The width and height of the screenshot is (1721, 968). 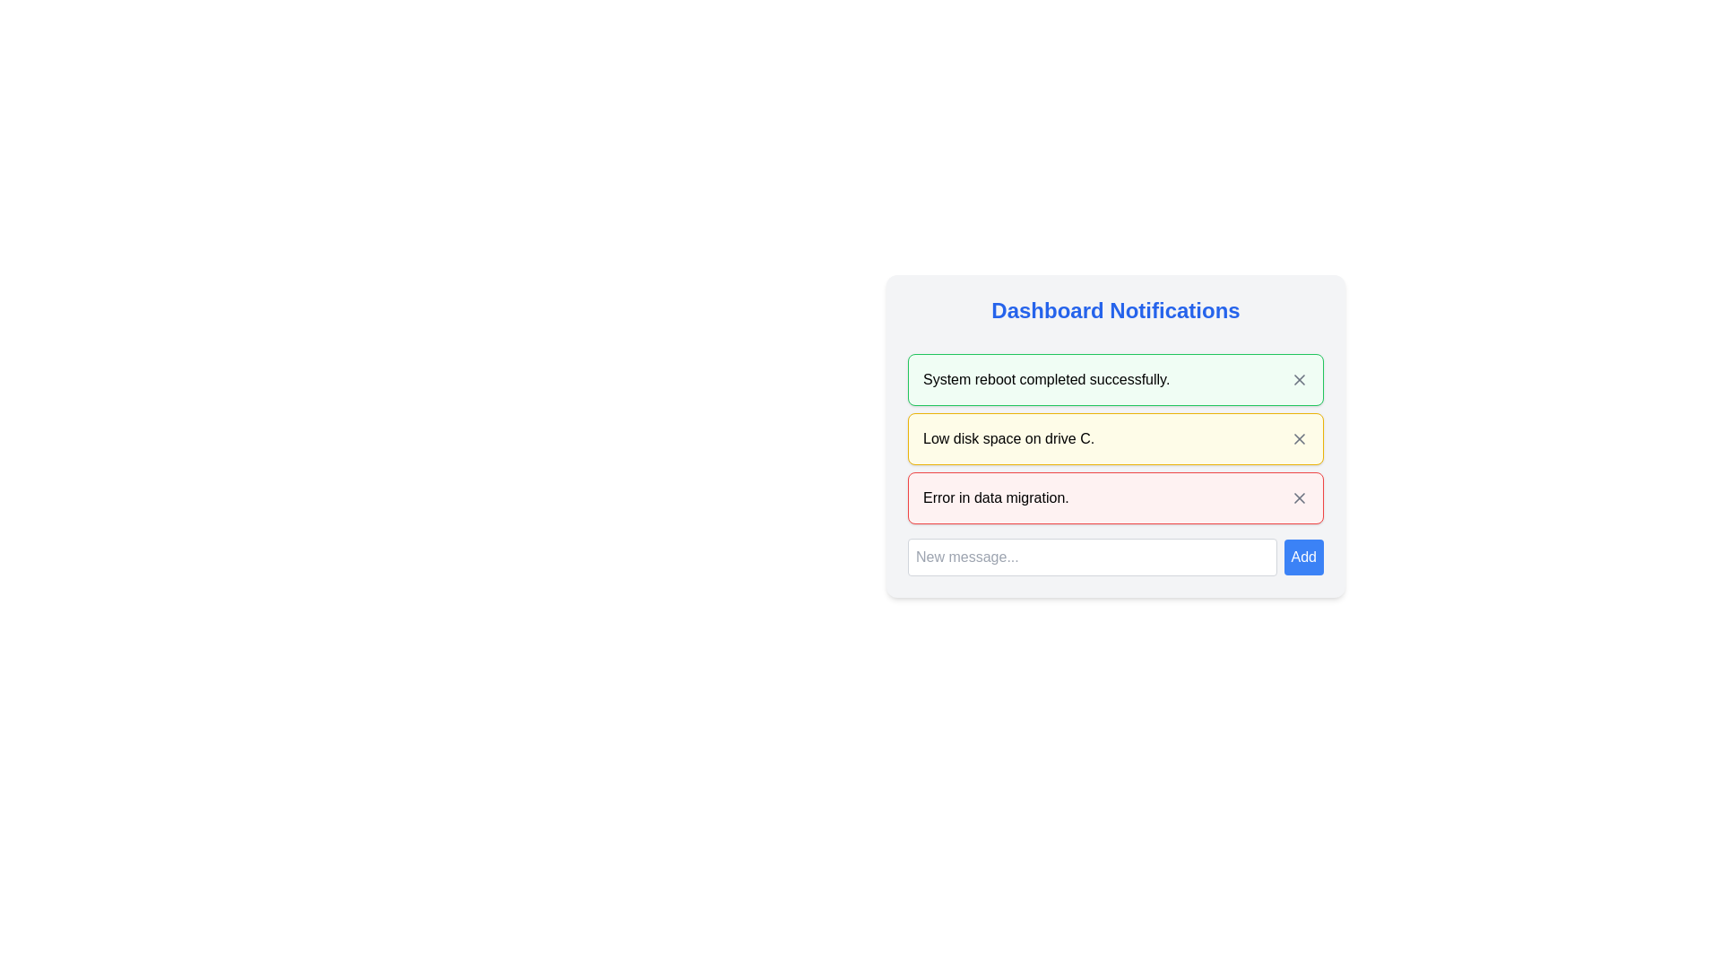 What do you see at coordinates (1299, 497) in the screenshot?
I see `the circular 'X' button in the top-right corner of the red-bordered notification card labeled 'Error in data migration.' to change its color` at bounding box center [1299, 497].